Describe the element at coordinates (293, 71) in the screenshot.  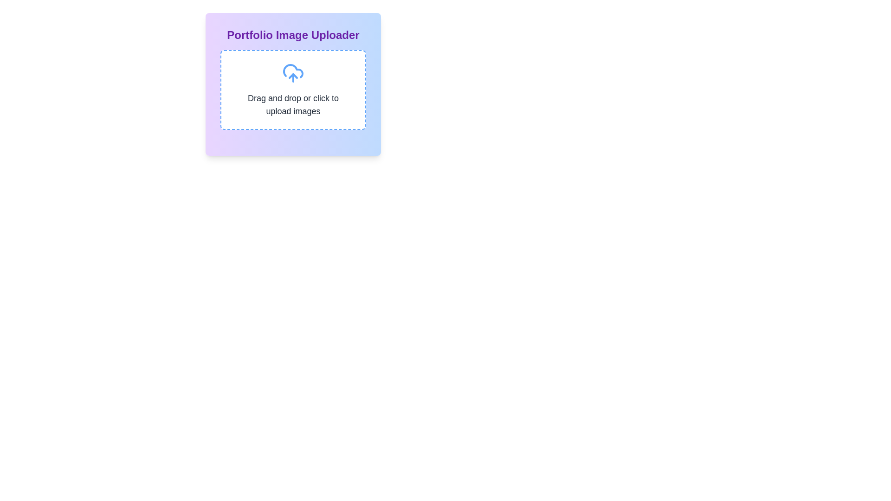
I see `the uppermost line segment of the light blue cloud outline in the SVG illustration representing upload functionality, located within the 'Portfolio Image Uploader' widget` at that location.